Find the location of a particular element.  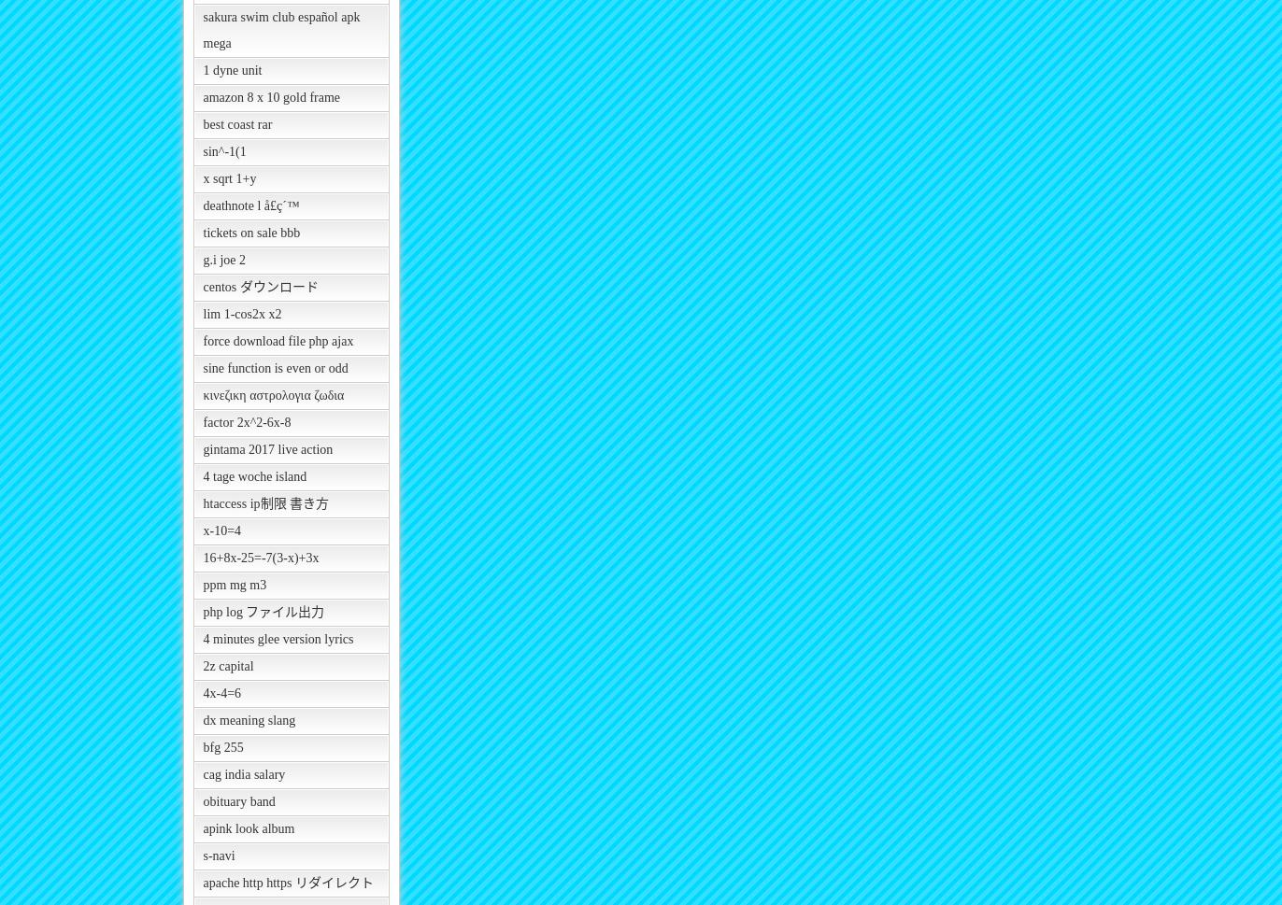

'bfg 255' is located at coordinates (222, 747).